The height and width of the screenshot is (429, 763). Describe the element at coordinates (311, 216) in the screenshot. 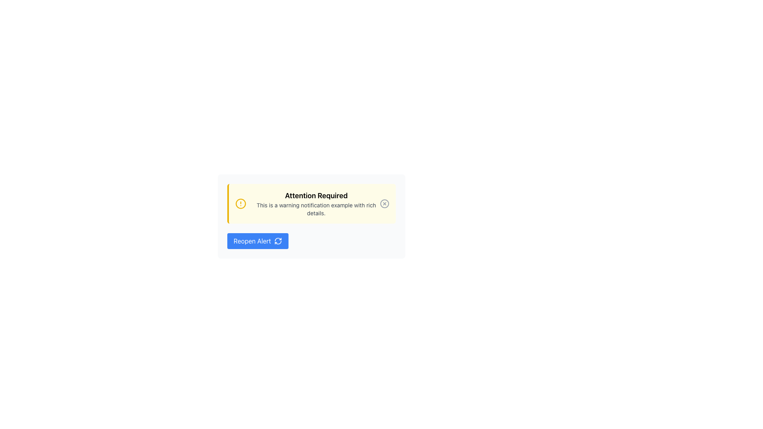

I see `the Notification Banner element with a light yellow background and the text 'Attention Required'` at that location.